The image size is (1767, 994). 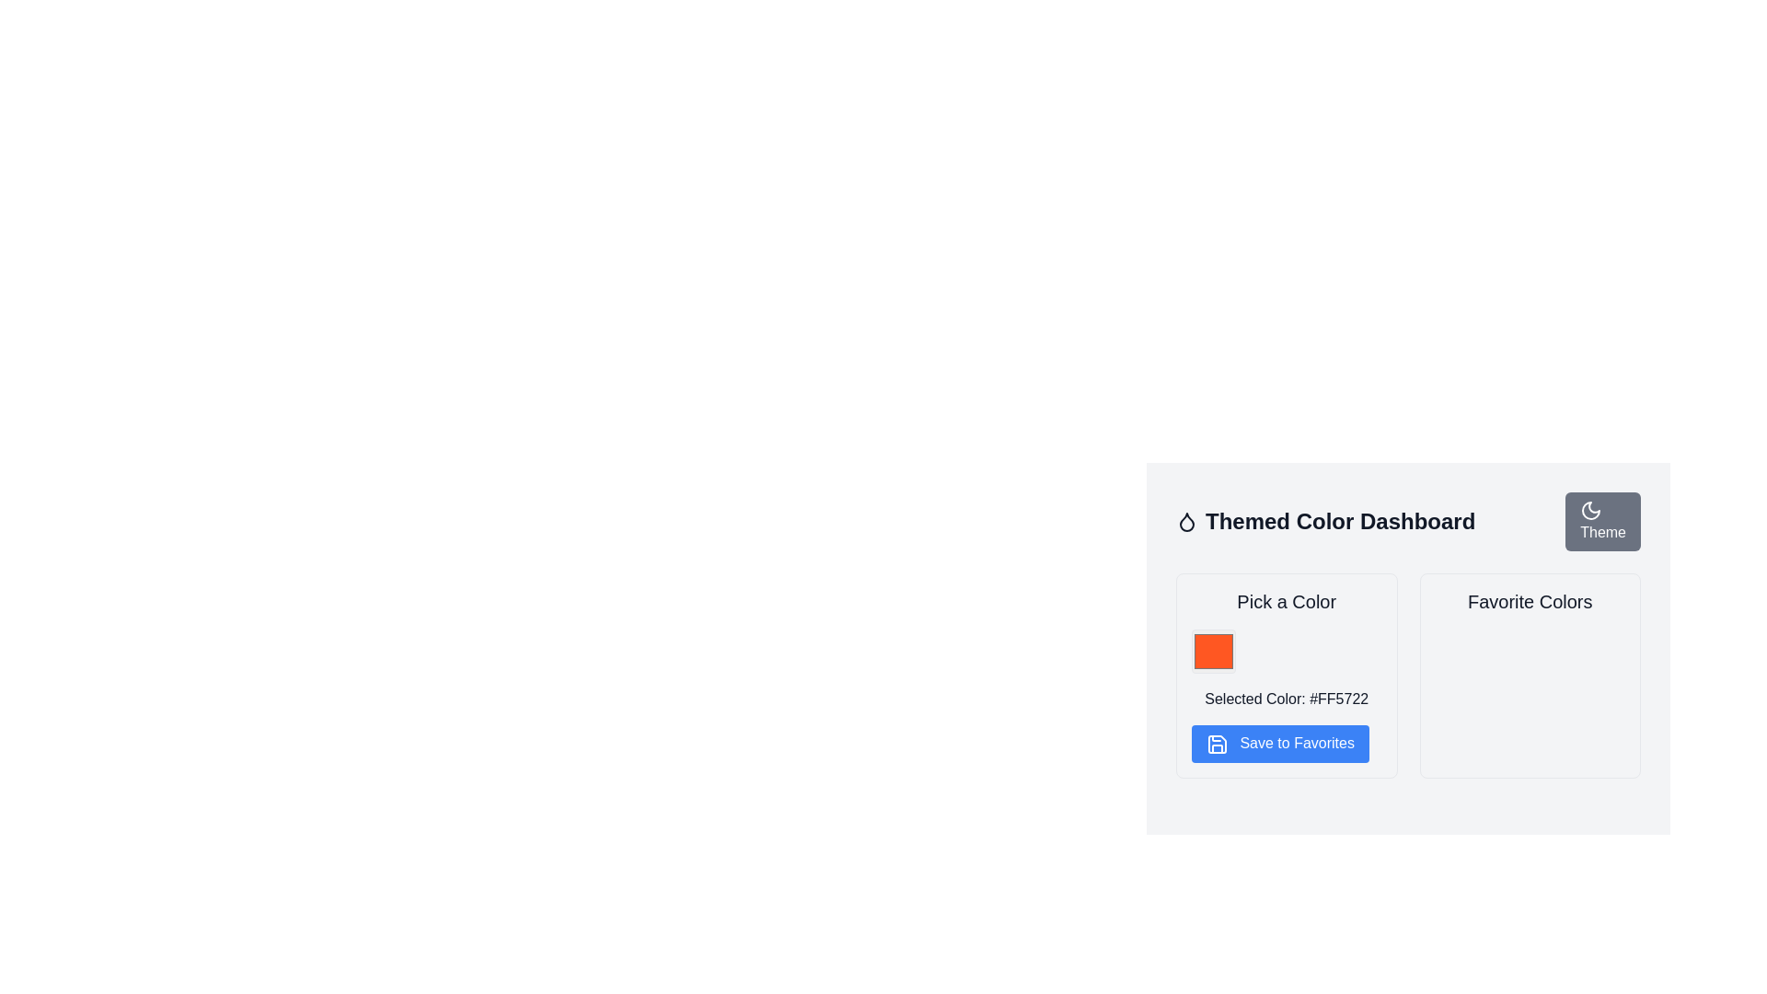 I want to click on the 'Save Color' button located in the 'Pick a Color' card, so click(x=1279, y=743).